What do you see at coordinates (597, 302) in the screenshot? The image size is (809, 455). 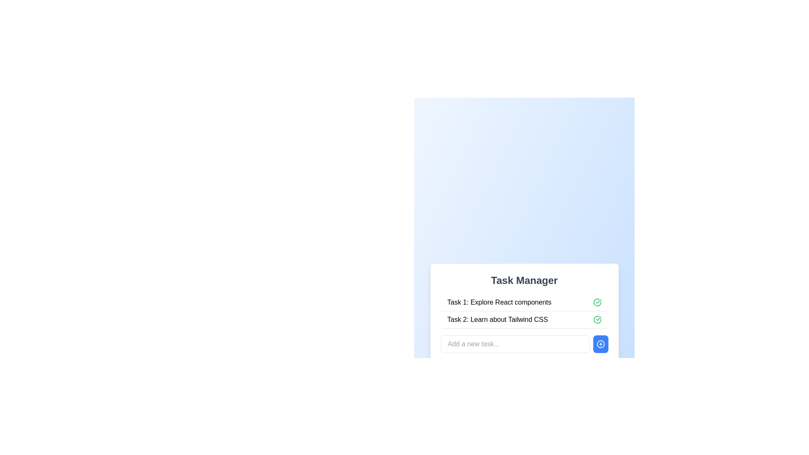 I see `the task status indicator icon located in the top-right corner of the bounding box, which follows the text 'Task 1: Explore React components'` at bounding box center [597, 302].